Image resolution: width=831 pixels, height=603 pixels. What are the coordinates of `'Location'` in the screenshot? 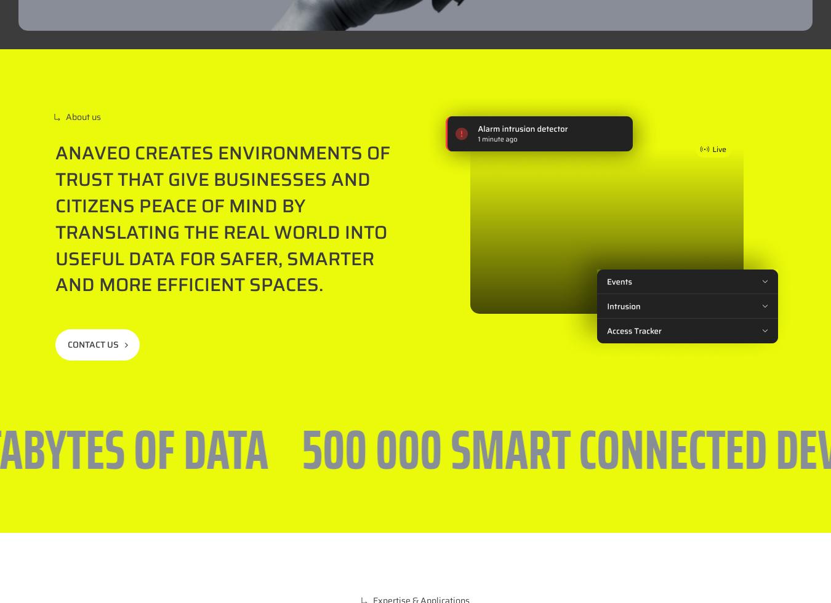 It's located at (470, 391).